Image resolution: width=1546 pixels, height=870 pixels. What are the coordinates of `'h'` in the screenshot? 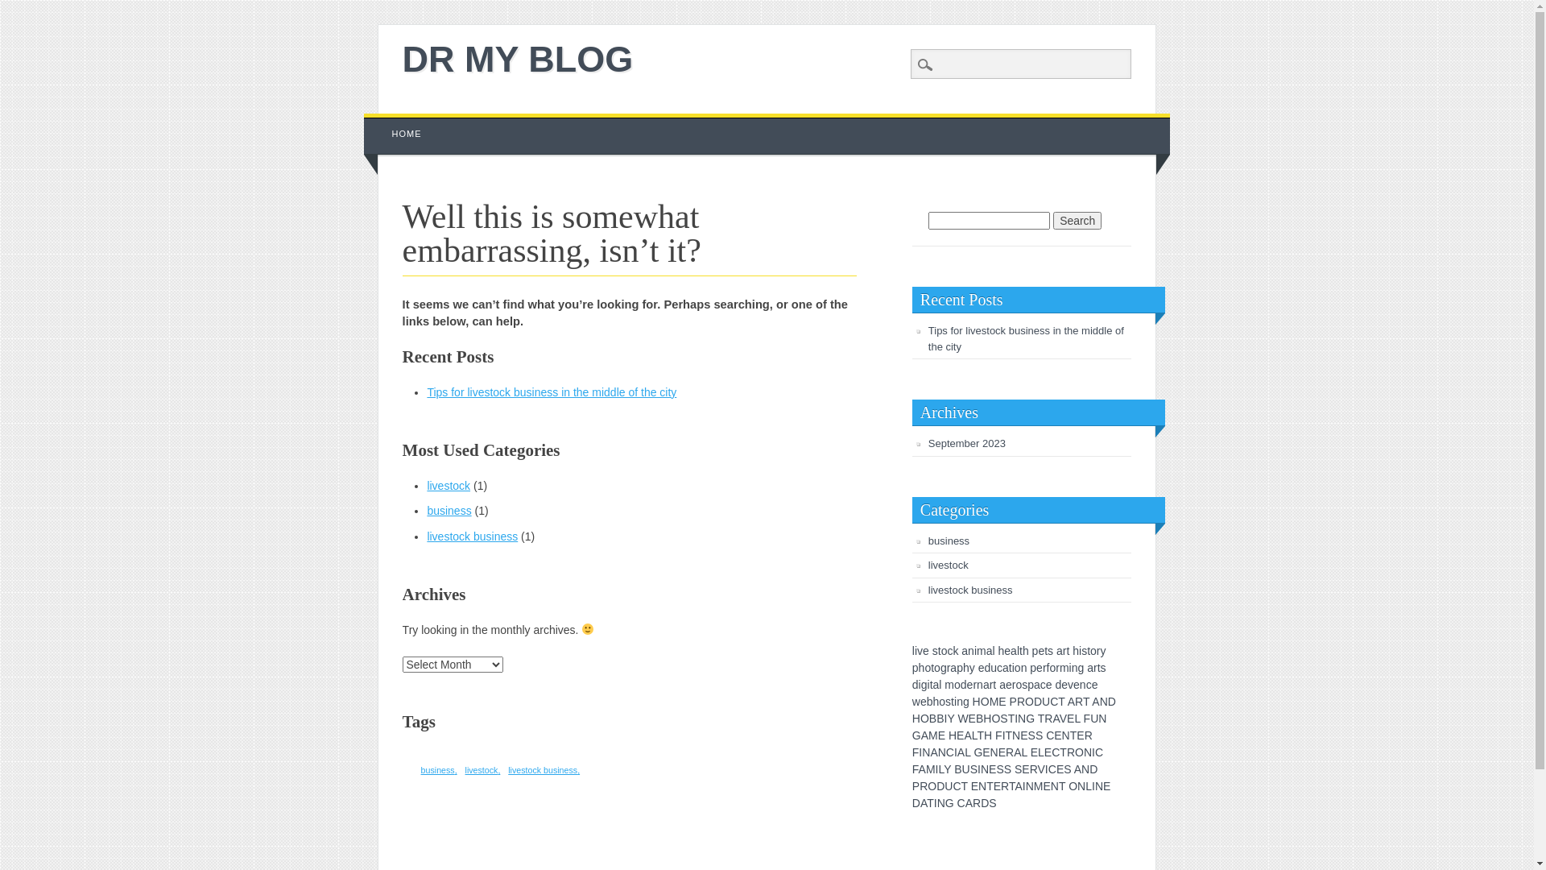 It's located at (1024, 649).